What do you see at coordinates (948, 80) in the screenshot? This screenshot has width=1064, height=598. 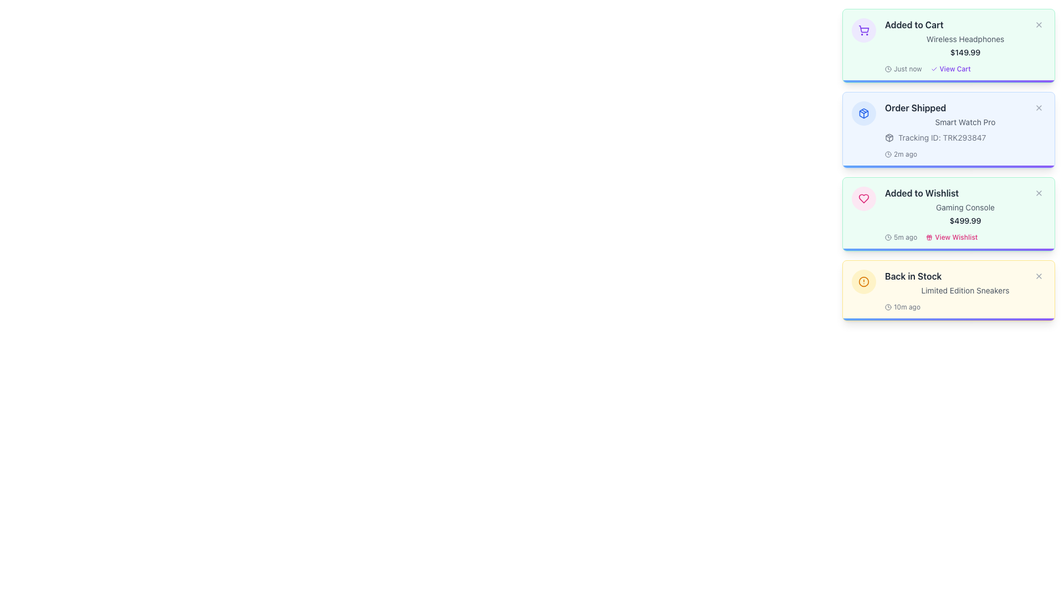 I see `the Progress Bar at the bottom of the 'Added to Cart' notification box, which indicates loading or timeout status` at bounding box center [948, 80].